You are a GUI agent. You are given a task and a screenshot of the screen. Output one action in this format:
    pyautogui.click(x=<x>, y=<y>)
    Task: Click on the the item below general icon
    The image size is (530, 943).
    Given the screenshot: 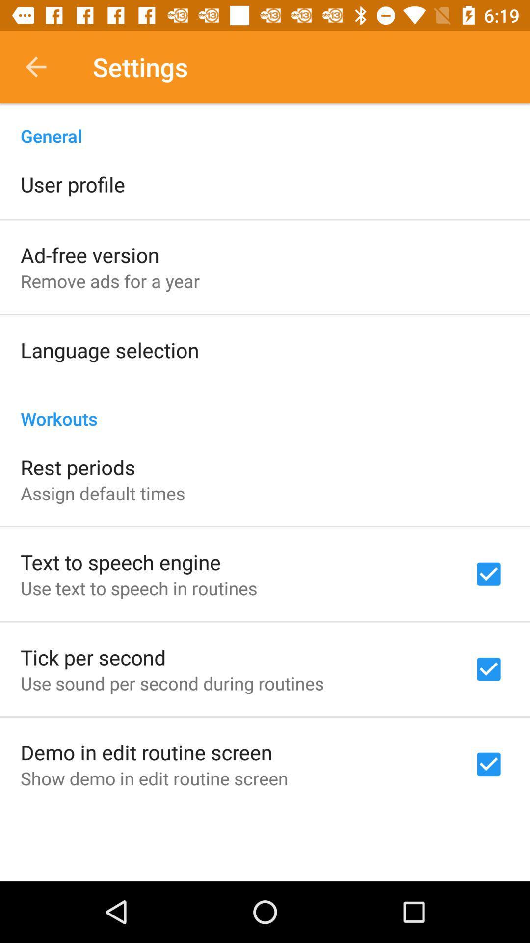 What is the action you would take?
    pyautogui.click(x=72, y=184)
    